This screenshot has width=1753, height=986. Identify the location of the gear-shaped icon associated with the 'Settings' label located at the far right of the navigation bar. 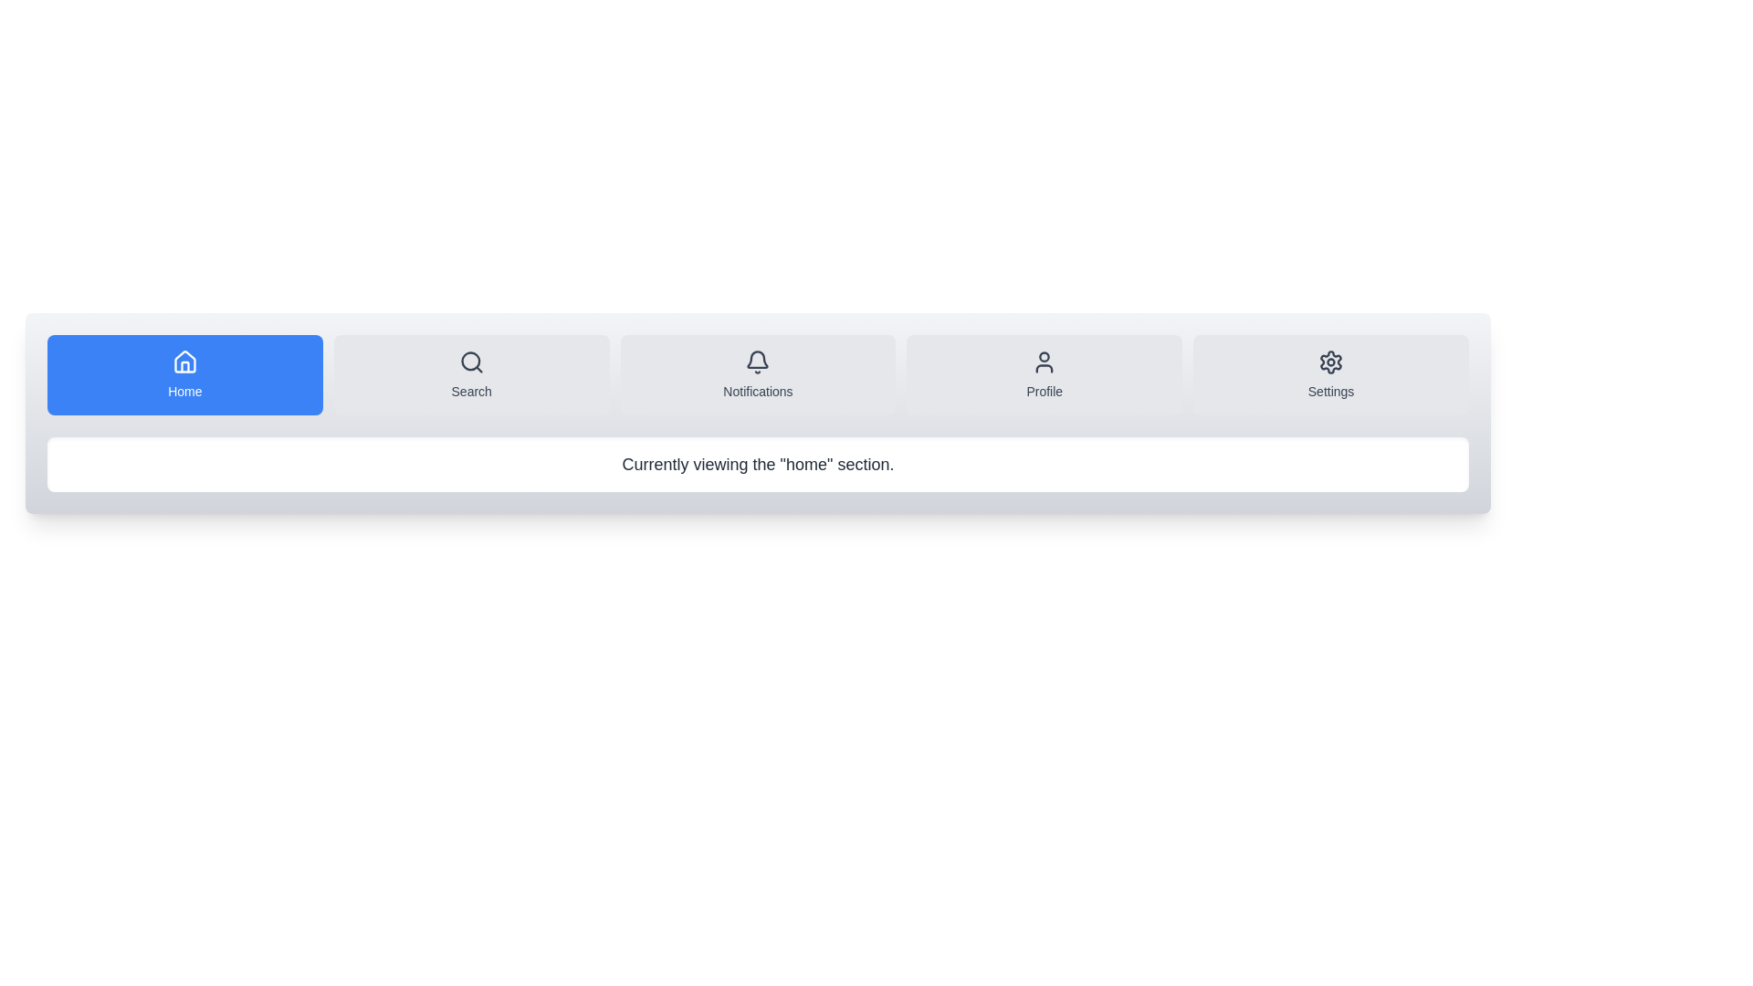
(1331, 362).